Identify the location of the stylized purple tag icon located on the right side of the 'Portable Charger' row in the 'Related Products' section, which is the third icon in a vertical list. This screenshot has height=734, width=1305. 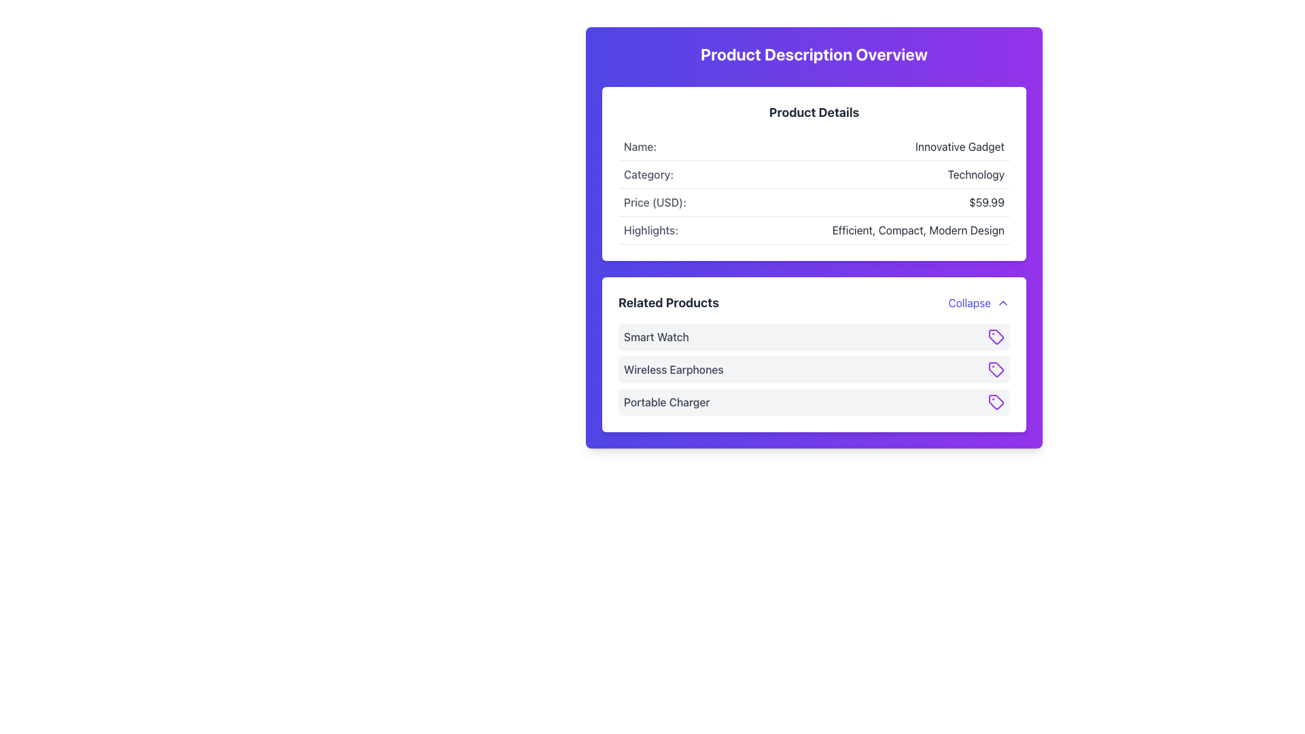
(996, 369).